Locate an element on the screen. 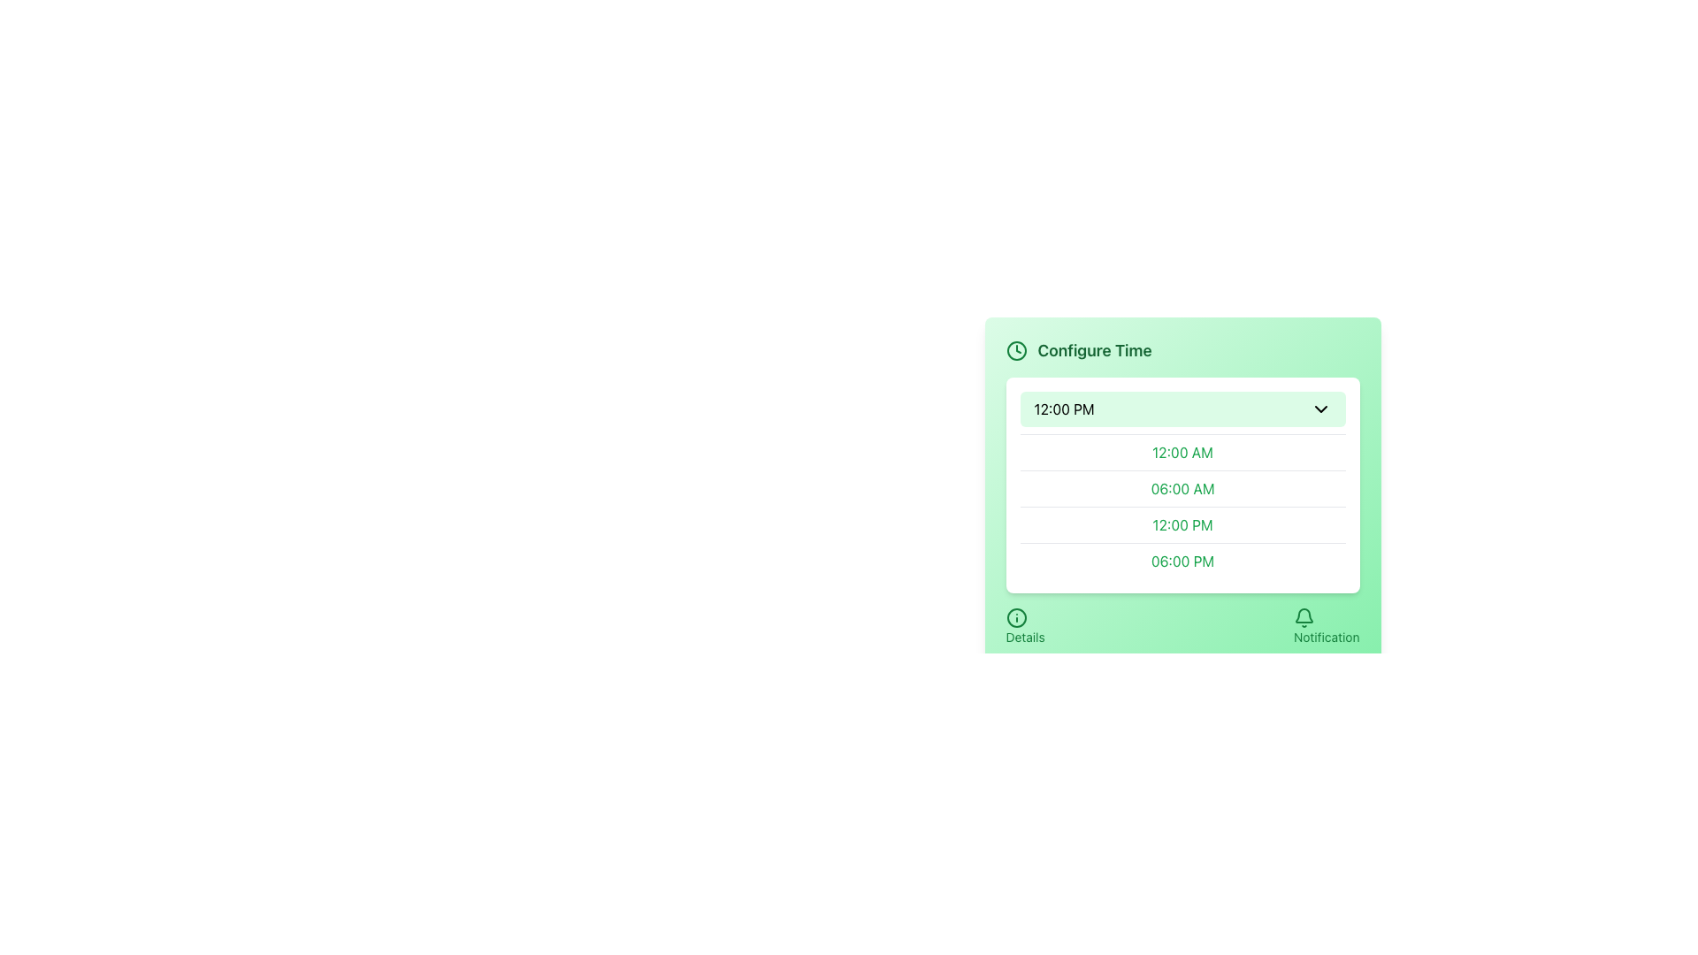 The width and height of the screenshot is (1698, 955). the selectable time option located in the third row of the dropdown menu is located at coordinates (1182, 523).